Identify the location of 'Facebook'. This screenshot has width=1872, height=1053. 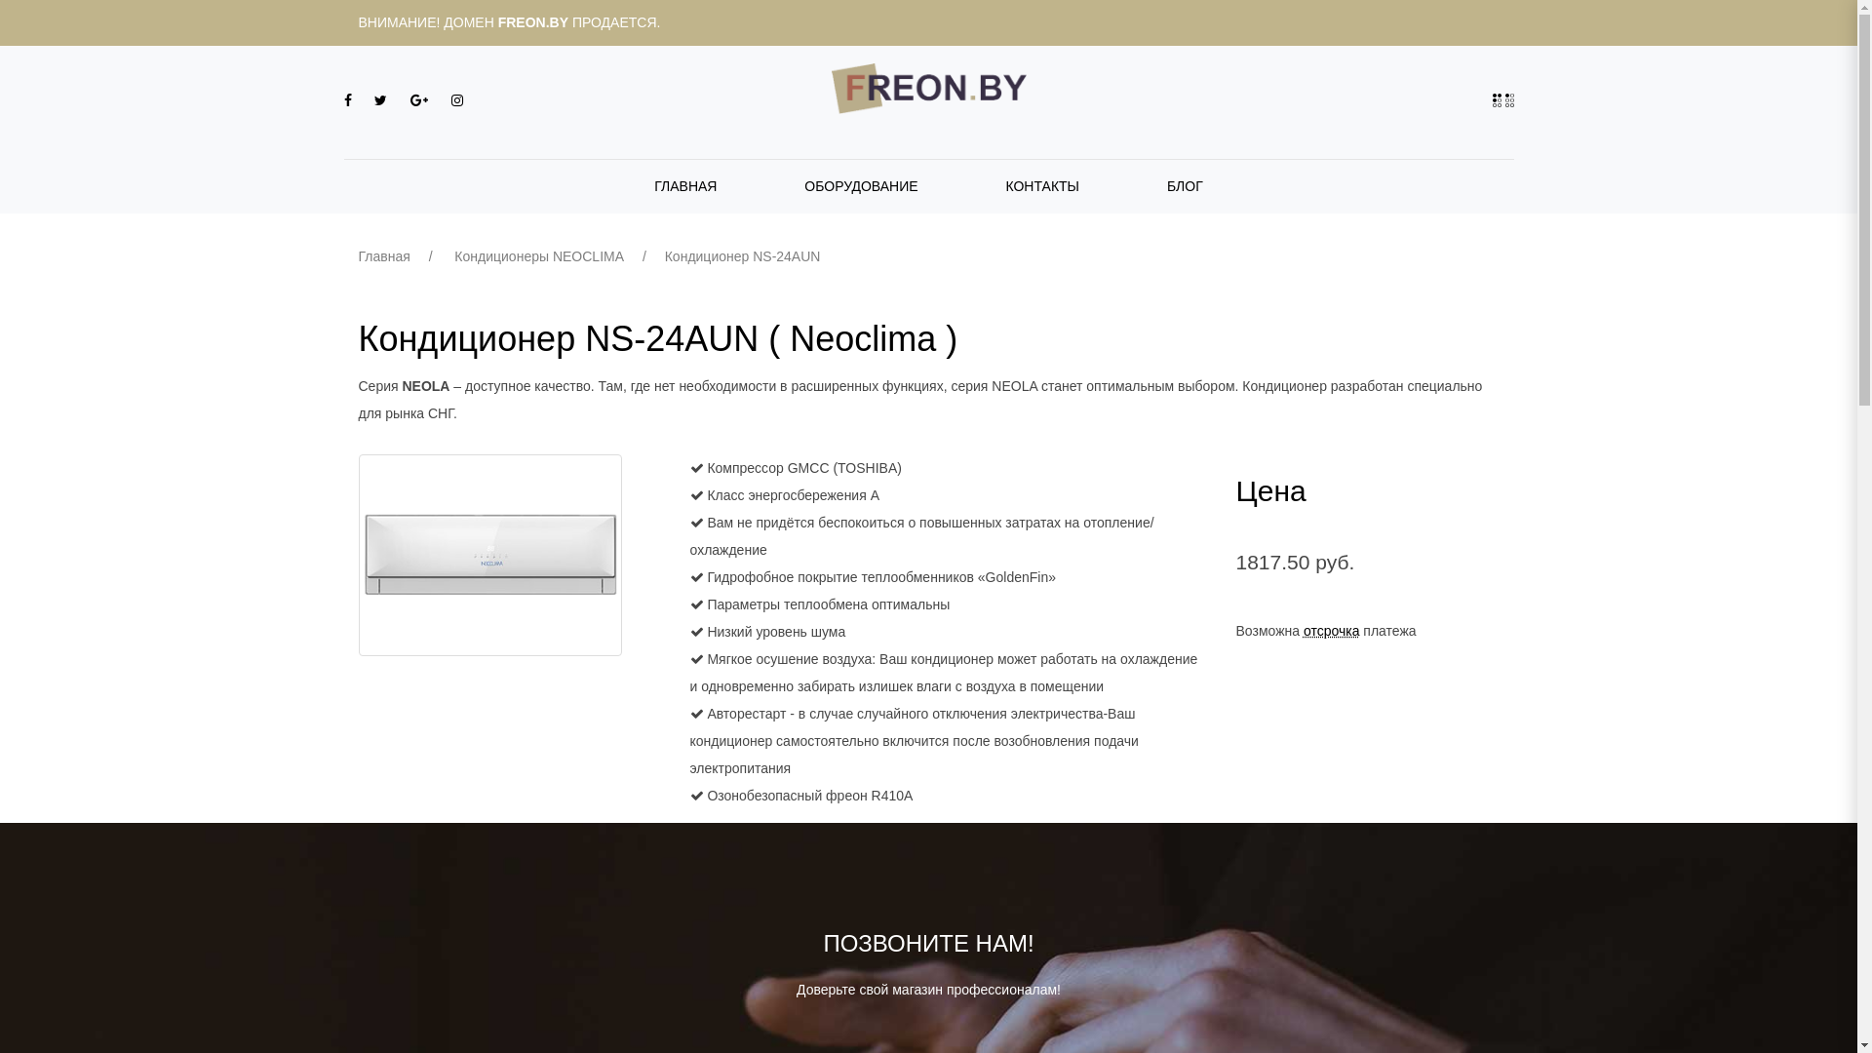
(349, 100).